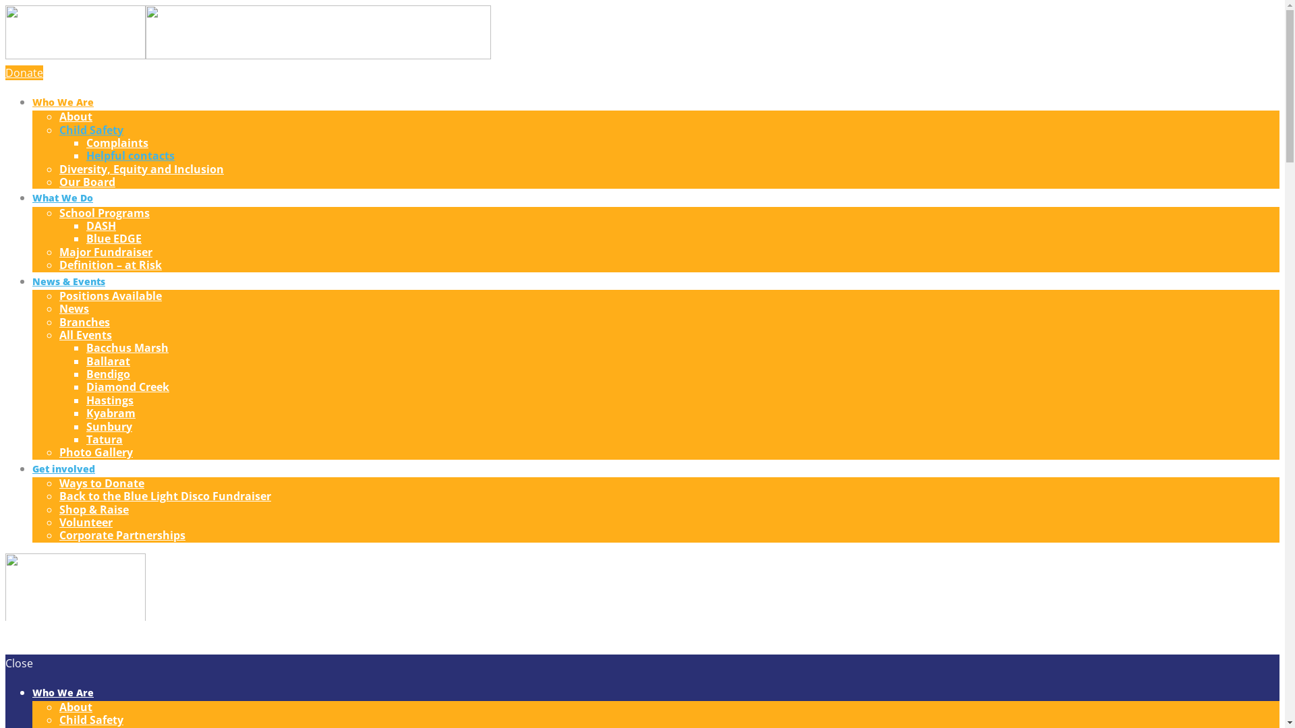  I want to click on 'What We Do', so click(32, 198).